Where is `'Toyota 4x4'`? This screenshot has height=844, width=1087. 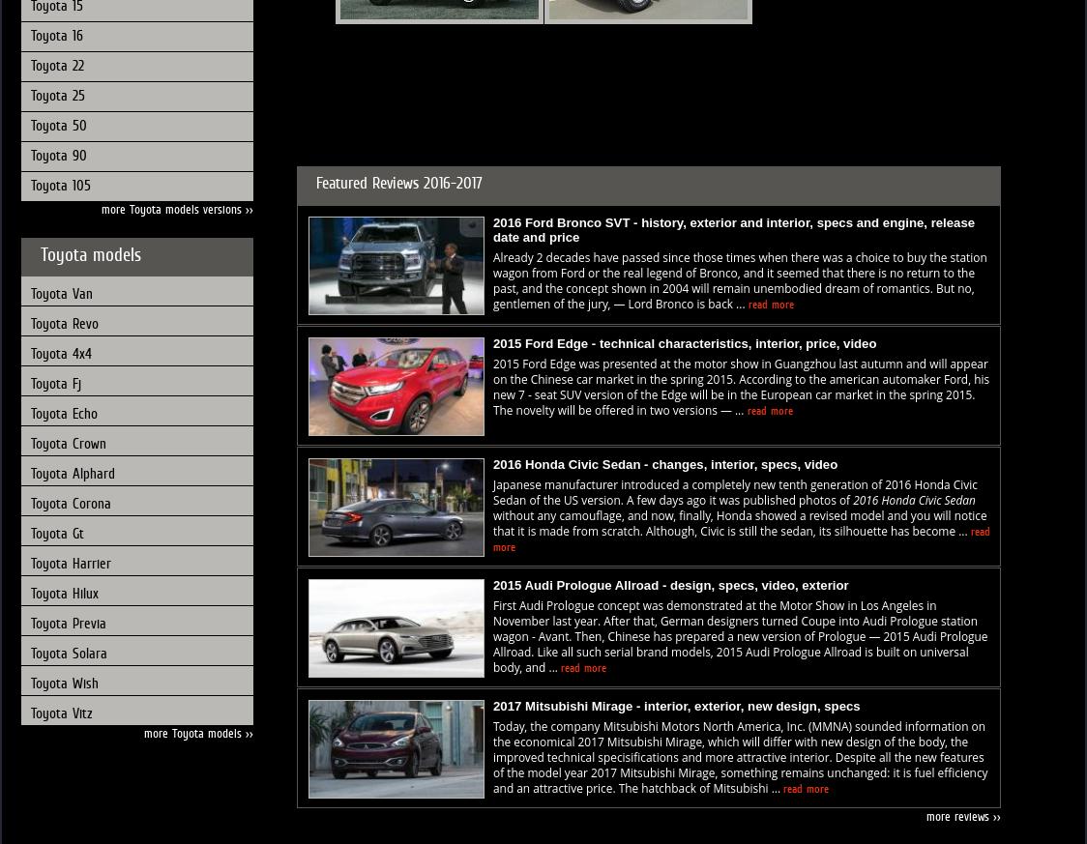
'Toyota 4x4' is located at coordinates (30, 352).